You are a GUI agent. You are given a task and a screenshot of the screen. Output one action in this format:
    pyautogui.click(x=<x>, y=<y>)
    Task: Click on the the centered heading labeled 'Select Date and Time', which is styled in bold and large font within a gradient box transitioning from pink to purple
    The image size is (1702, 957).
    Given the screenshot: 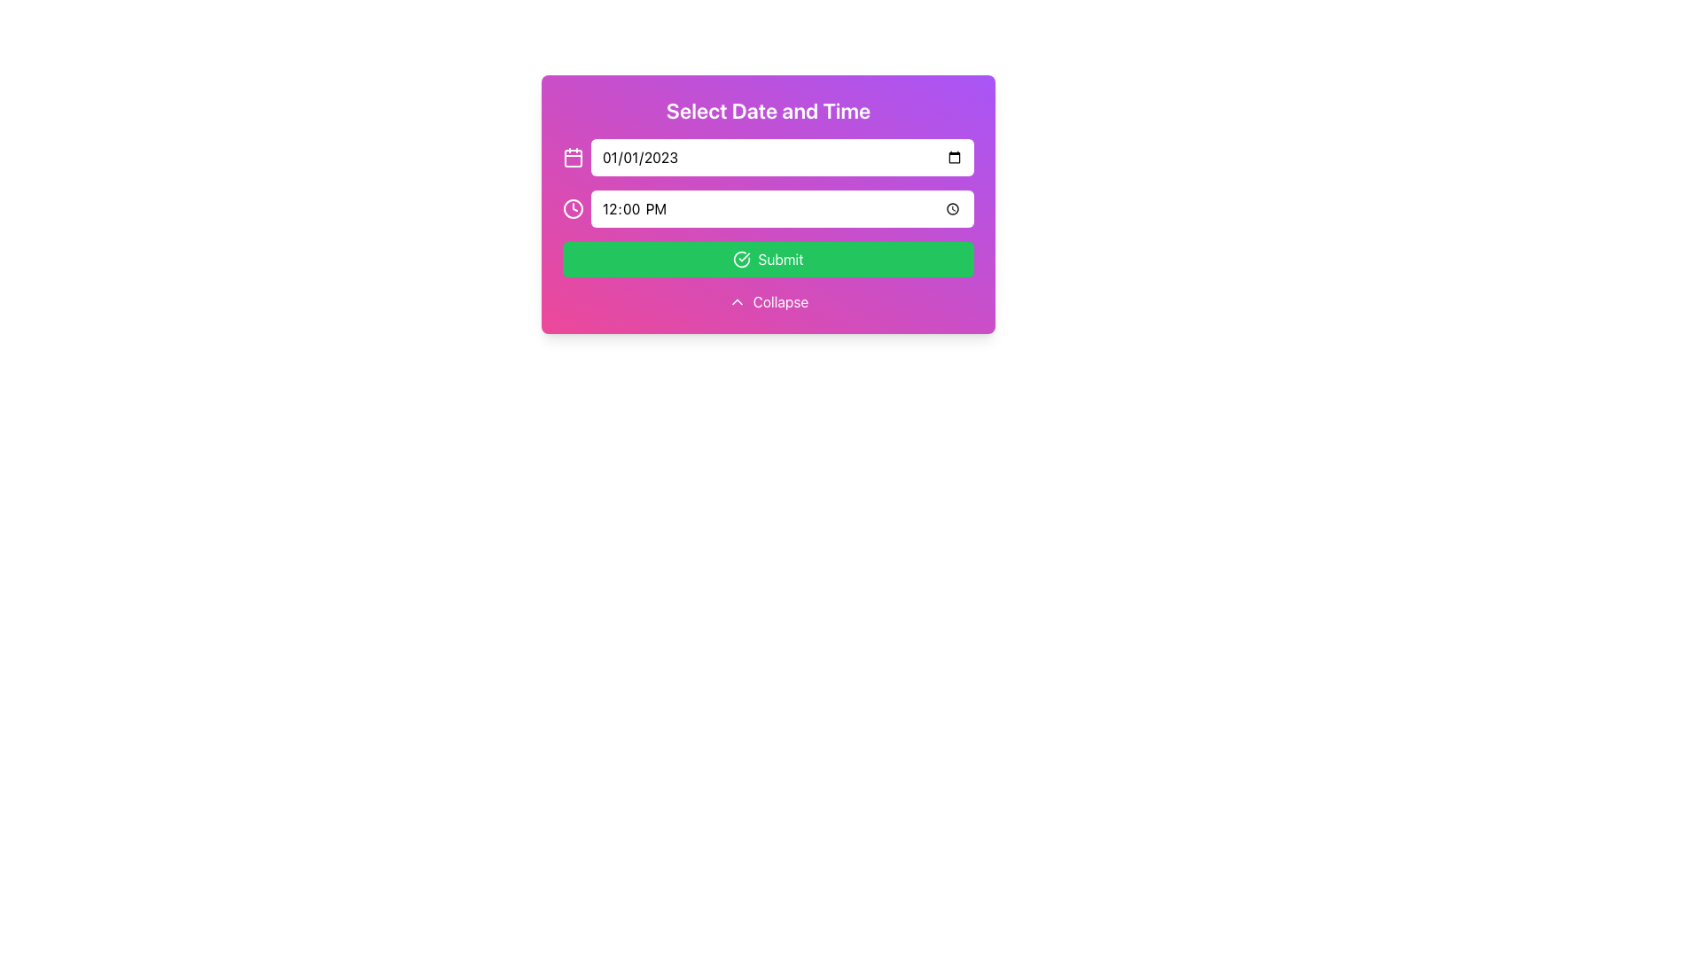 What is the action you would take?
    pyautogui.click(x=769, y=110)
    